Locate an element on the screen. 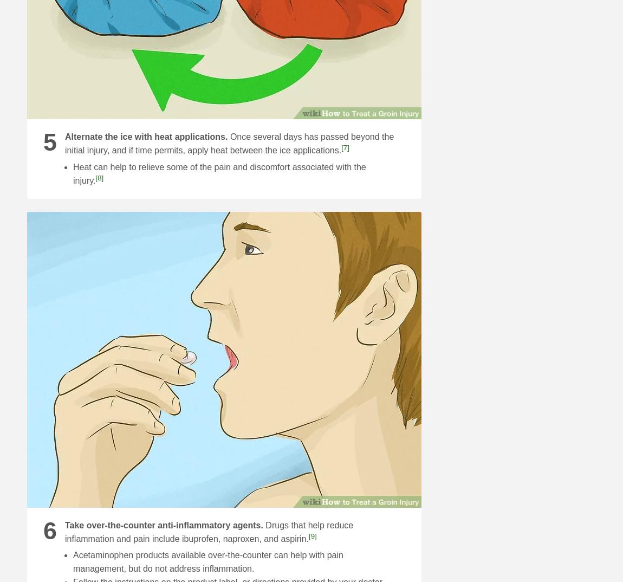  'Alternate the ice with heat applications.' is located at coordinates (145, 136).